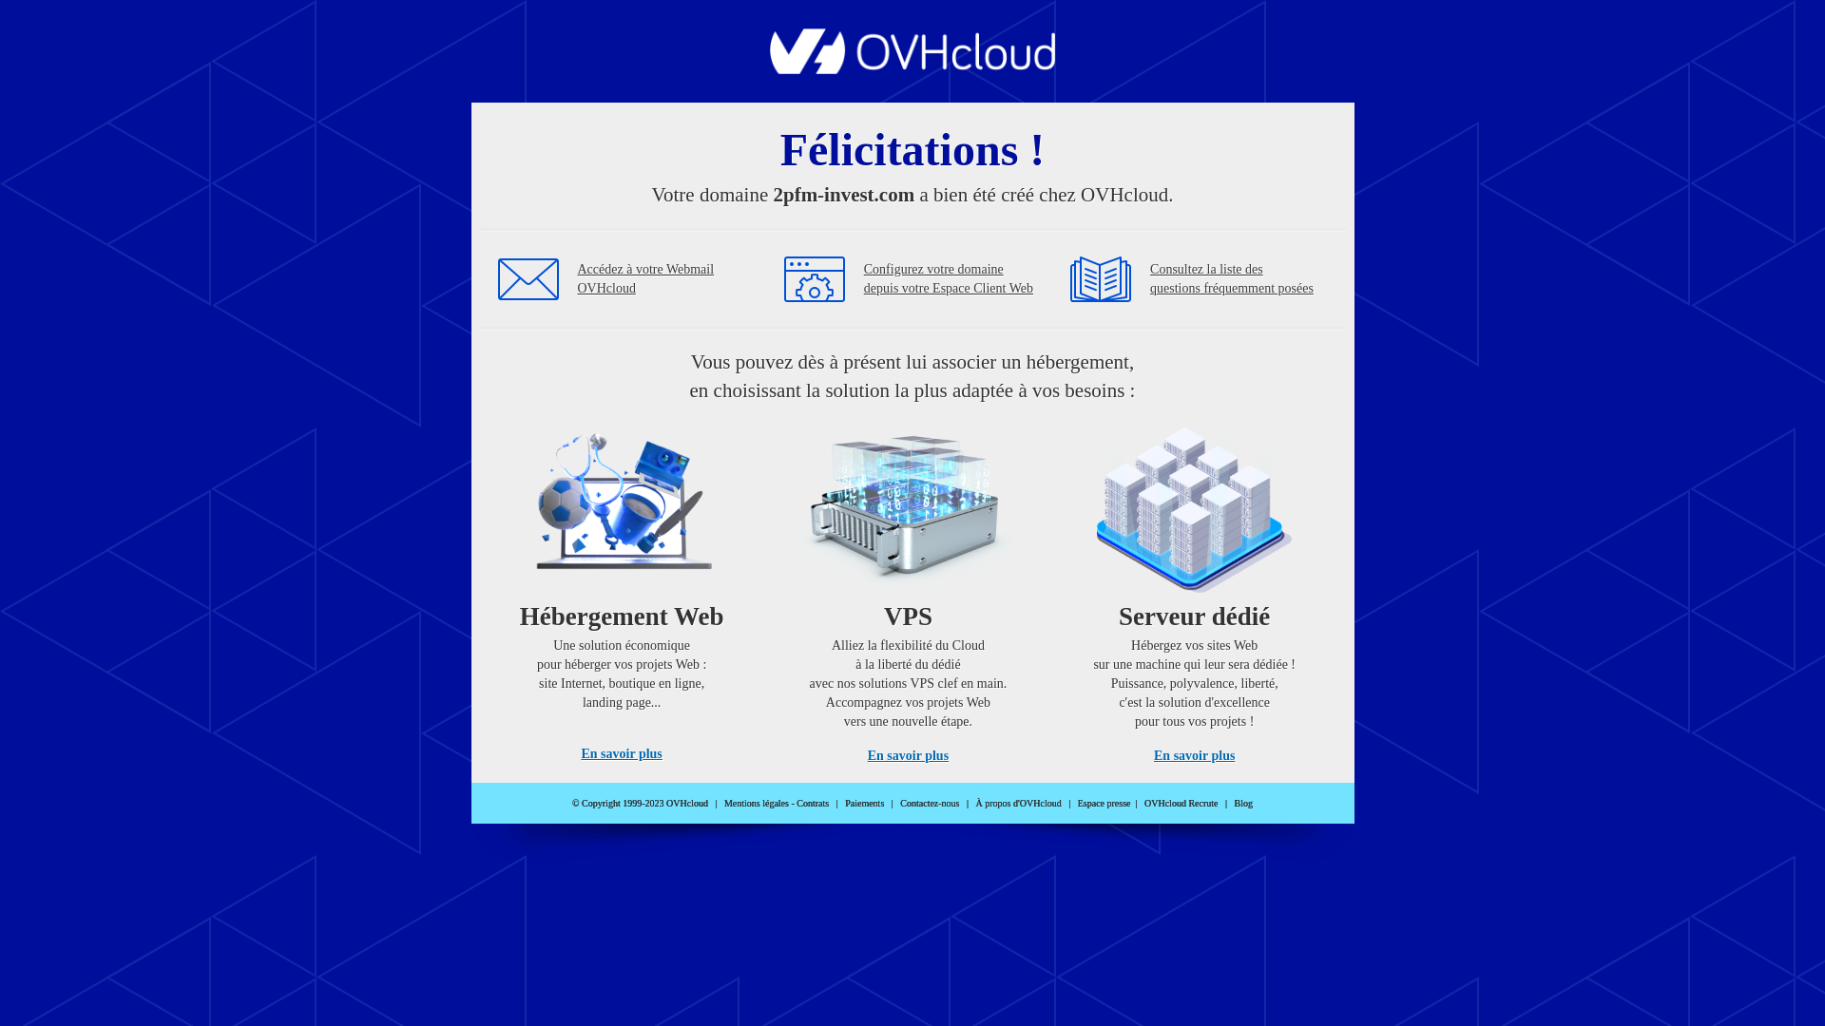  I want to click on 'Configurez votre domaine, so click(949, 278).